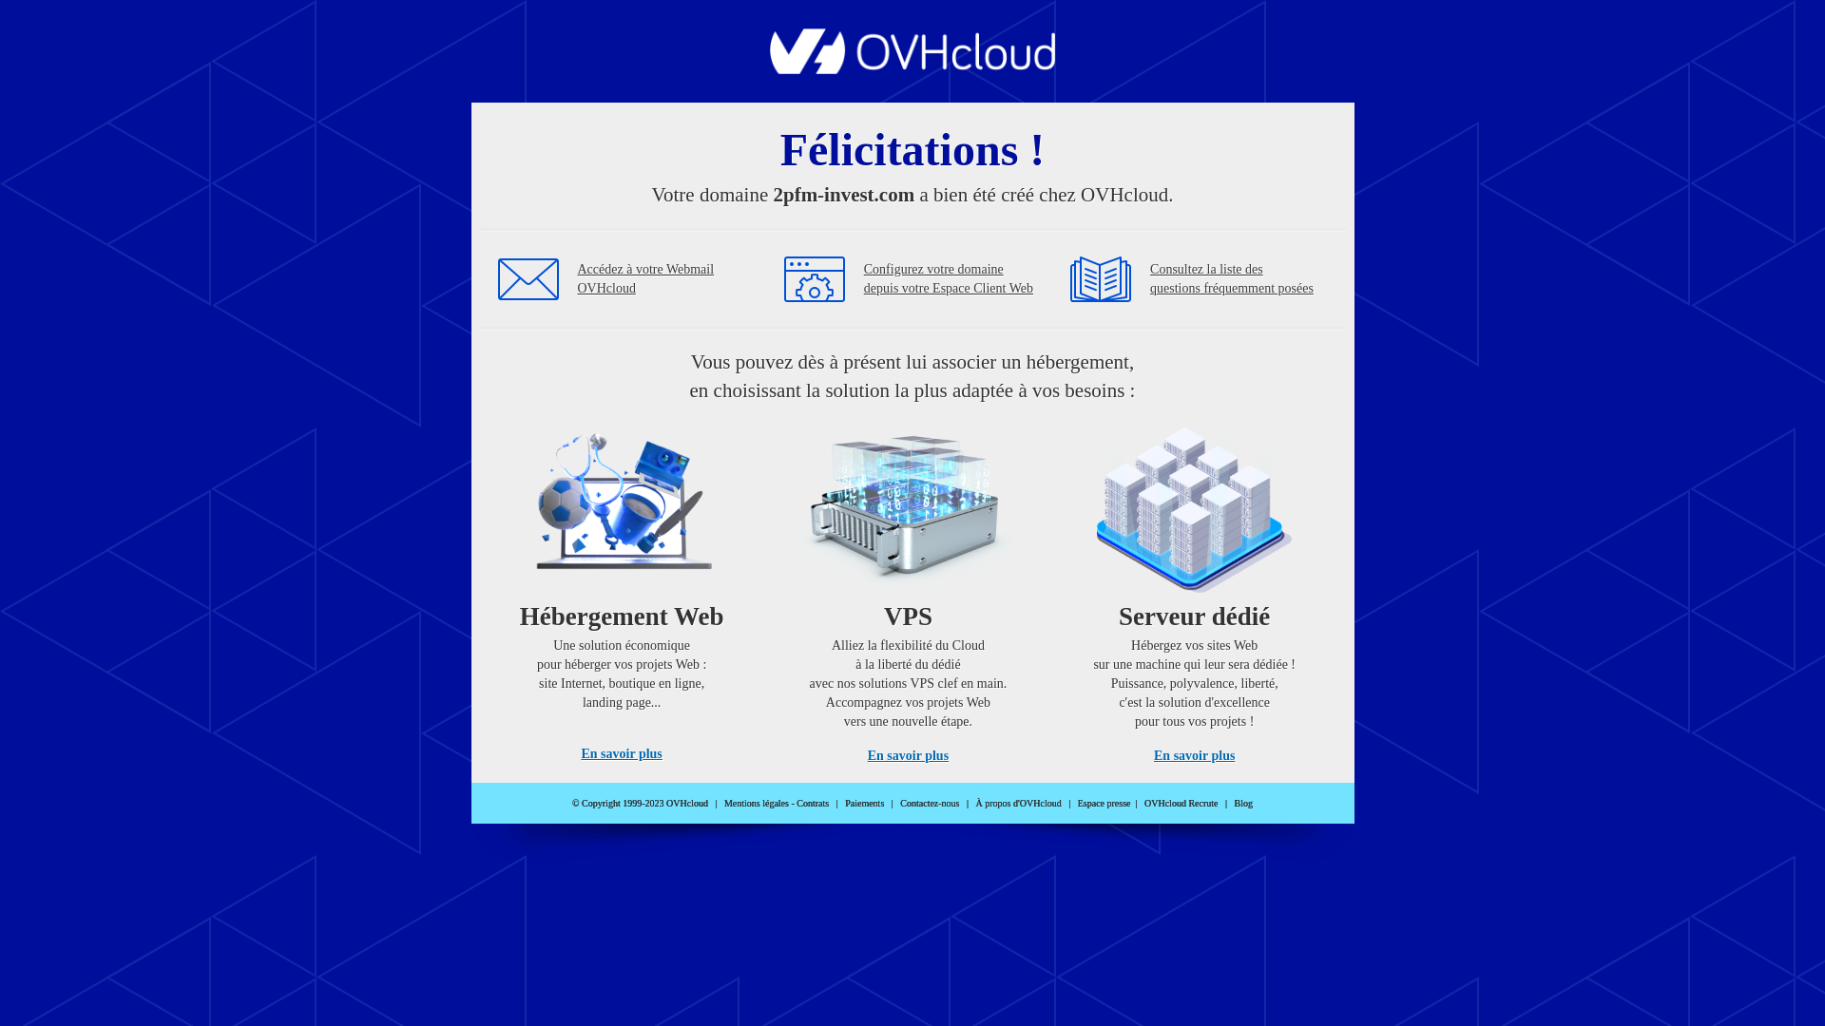  I want to click on 'Configurez votre domaine, so click(949, 278).